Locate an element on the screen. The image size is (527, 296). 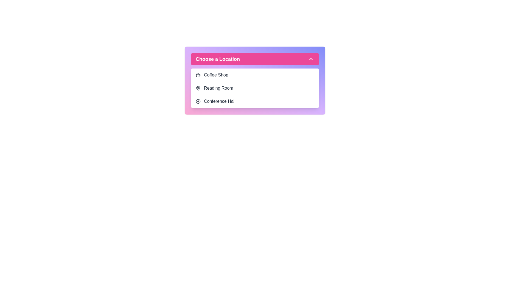
the section Reading Room from the dropdown menu is located at coordinates (255, 88).